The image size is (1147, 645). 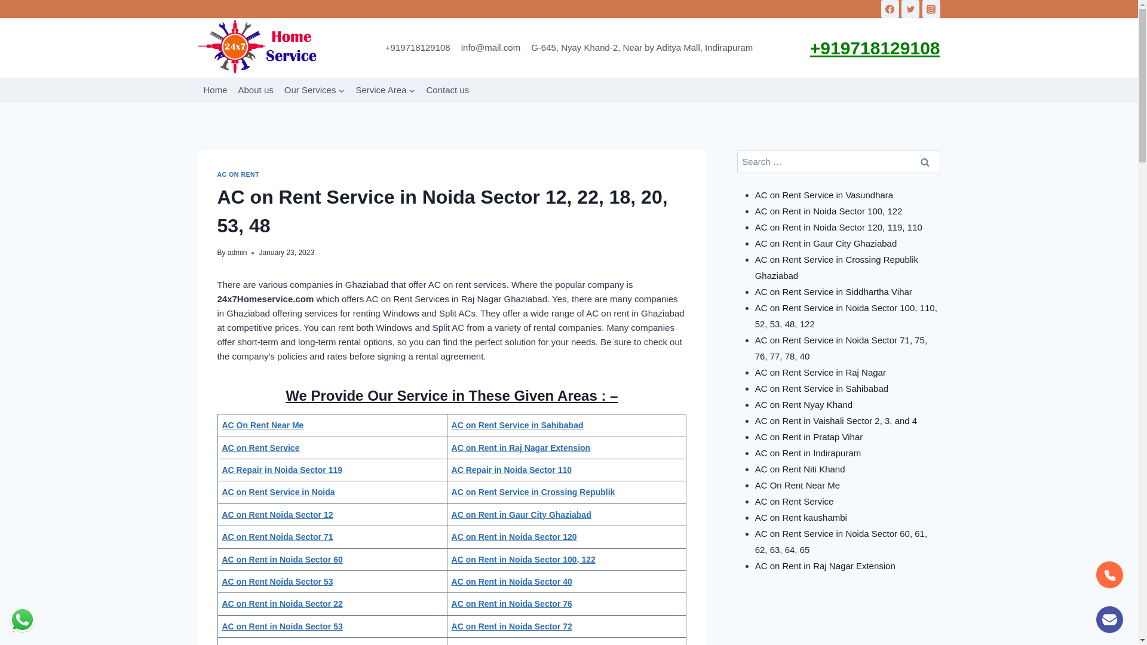 I want to click on 'AC on Rent Noida Sector 12', so click(x=222, y=514).